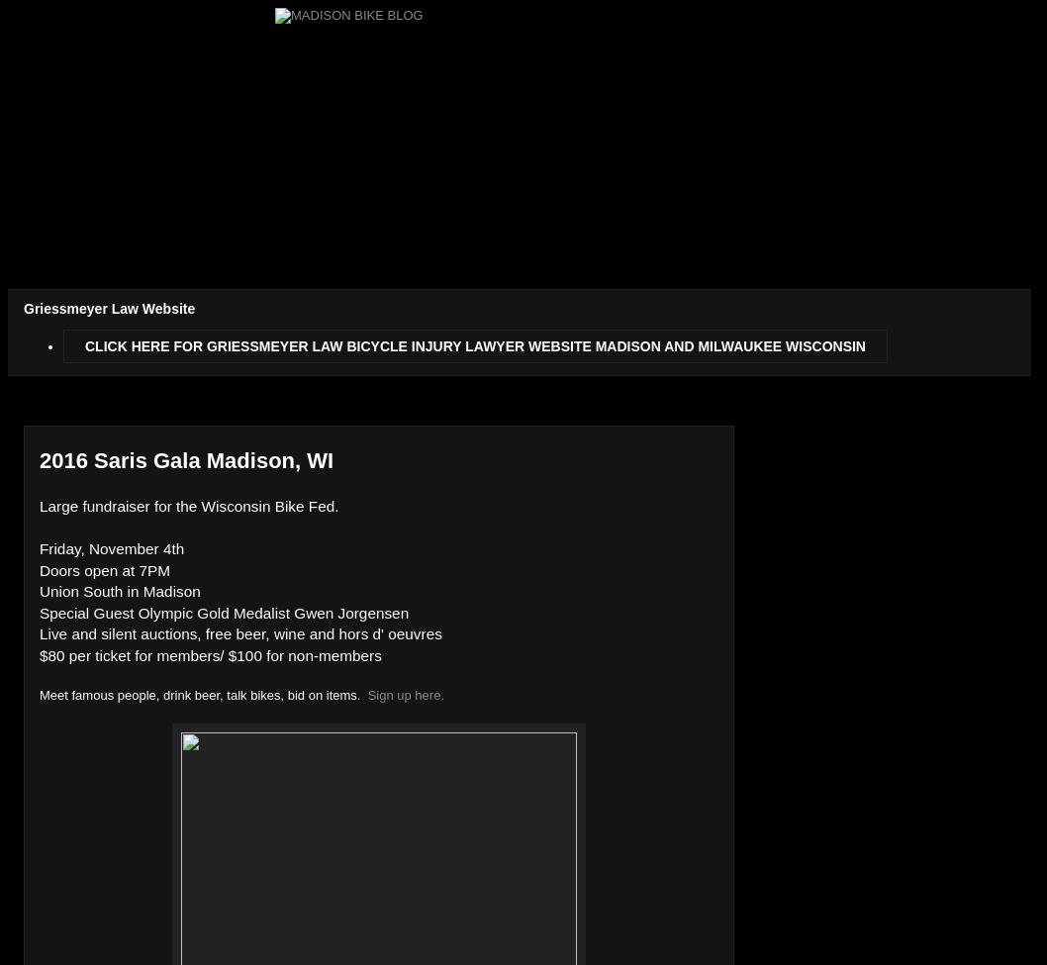  Describe the element at coordinates (119, 591) in the screenshot. I see `'Union South in Madison'` at that location.